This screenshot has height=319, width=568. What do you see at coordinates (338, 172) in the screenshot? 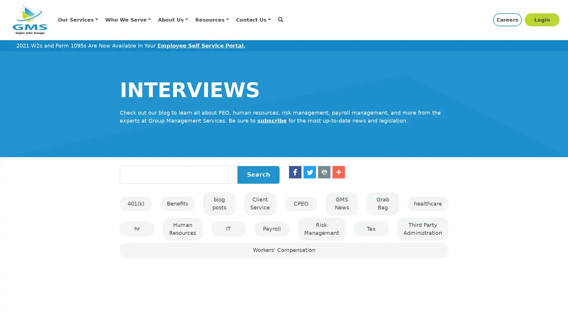
I see `Share to Twitter Twitter` at bounding box center [338, 172].